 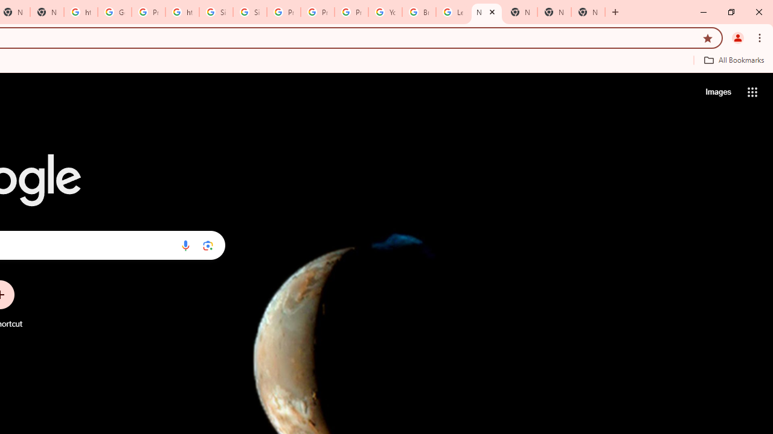 What do you see at coordinates (283, 12) in the screenshot?
I see `'Privacy Help Center - Policies Help'` at bounding box center [283, 12].